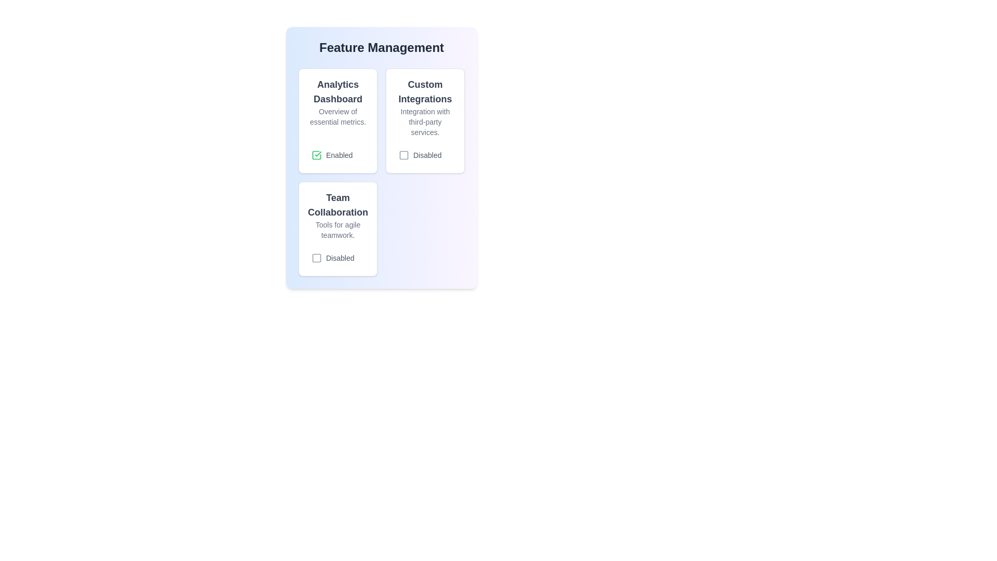 The width and height of the screenshot is (997, 561). Describe the element at coordinates (333, 258) in the screenshot. I see `the label 'Disabled' of the checkbox located in the bottom section of the 'Team Collaboration' card, which is positioned below the text 'Tools for agile teamwork.'` at that location.